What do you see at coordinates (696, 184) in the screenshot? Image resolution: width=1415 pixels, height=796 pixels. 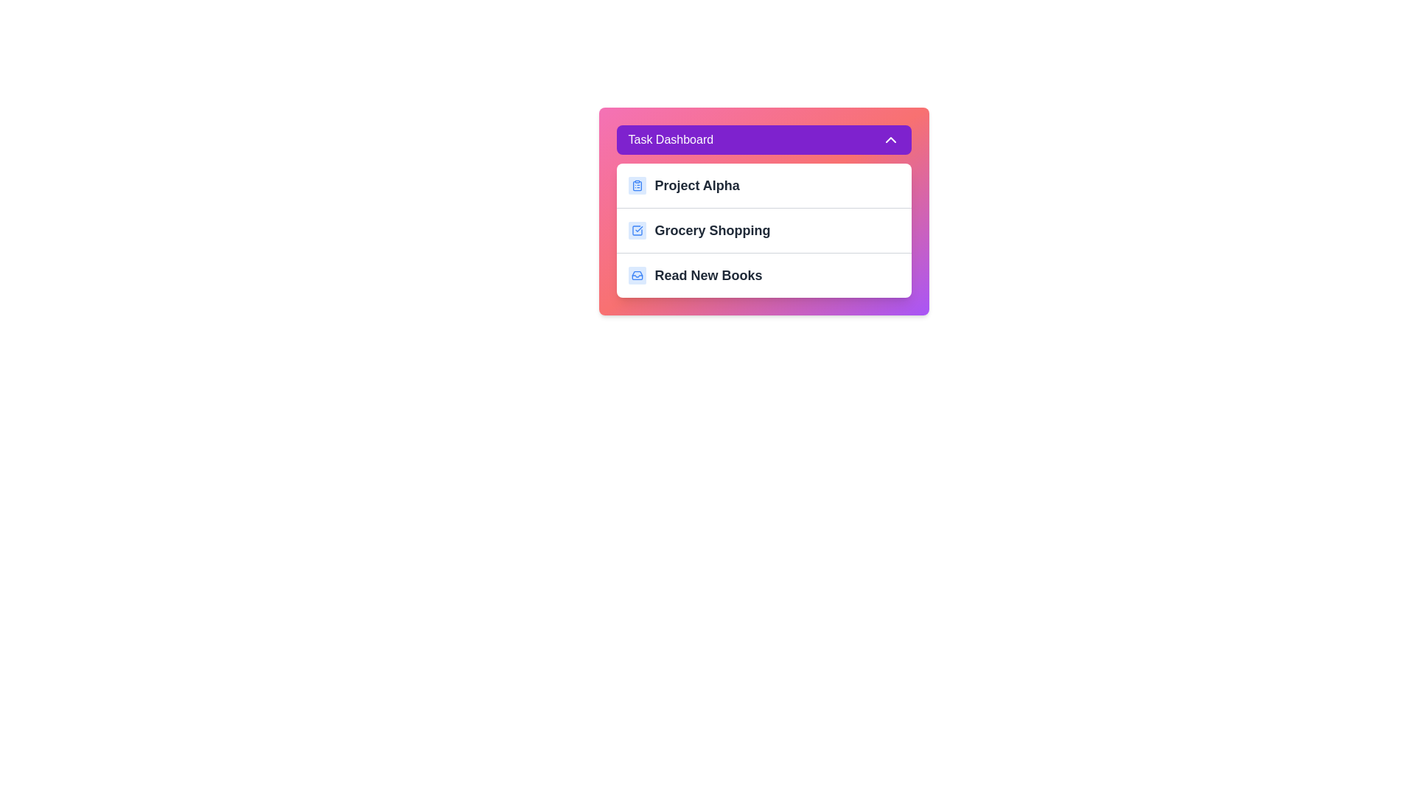 I see `the 'Project Alpha' text label, which is the first item` at bounding box center [696, 184].